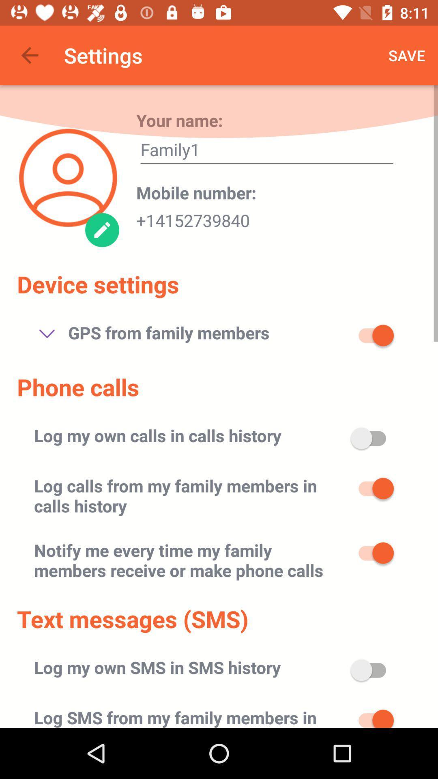 Image resolution: width=438 pixels, height=779 pixels. Describe the element at coordinates (193, 218) in the screenshot. I see `the item below mobile number: item` at that location.